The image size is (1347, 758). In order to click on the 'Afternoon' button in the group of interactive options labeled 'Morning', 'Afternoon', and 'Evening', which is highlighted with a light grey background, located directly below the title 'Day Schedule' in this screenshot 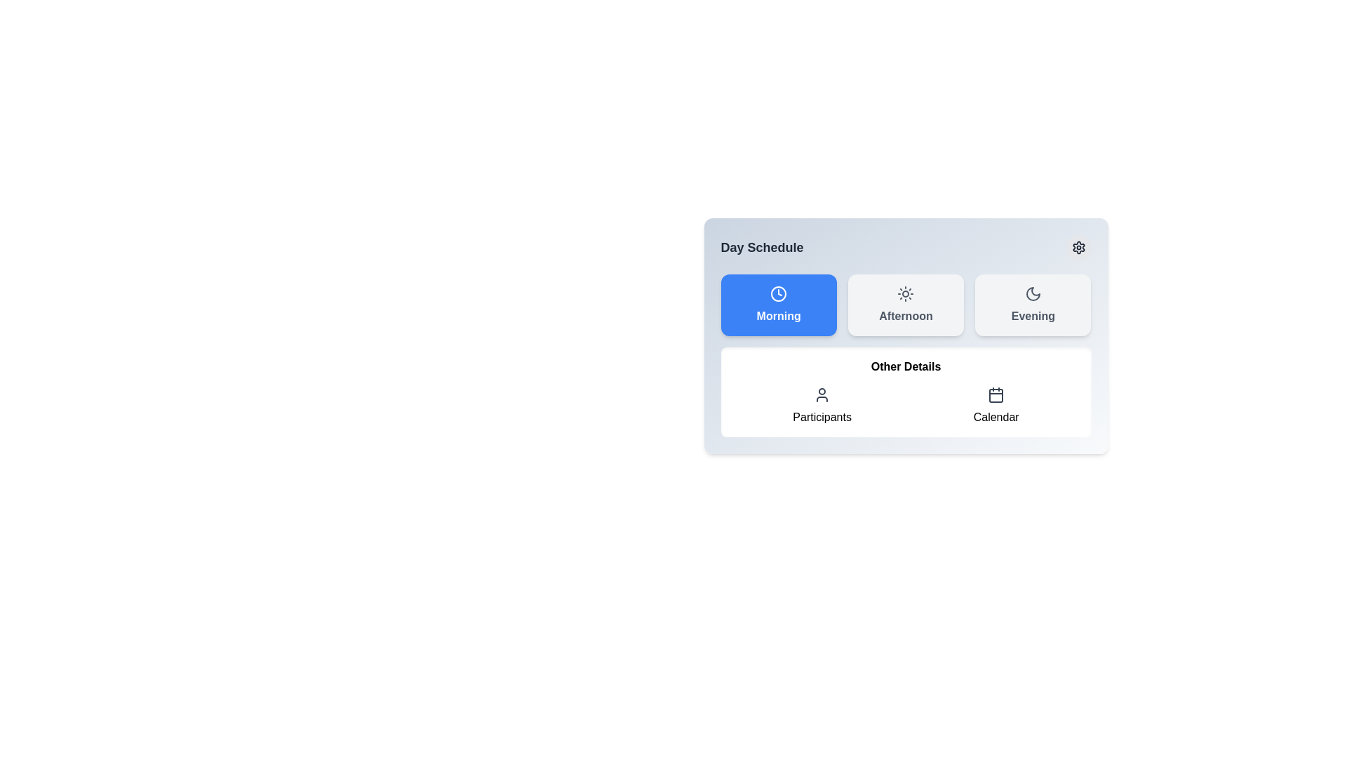, I will do `click(906, 305)`.